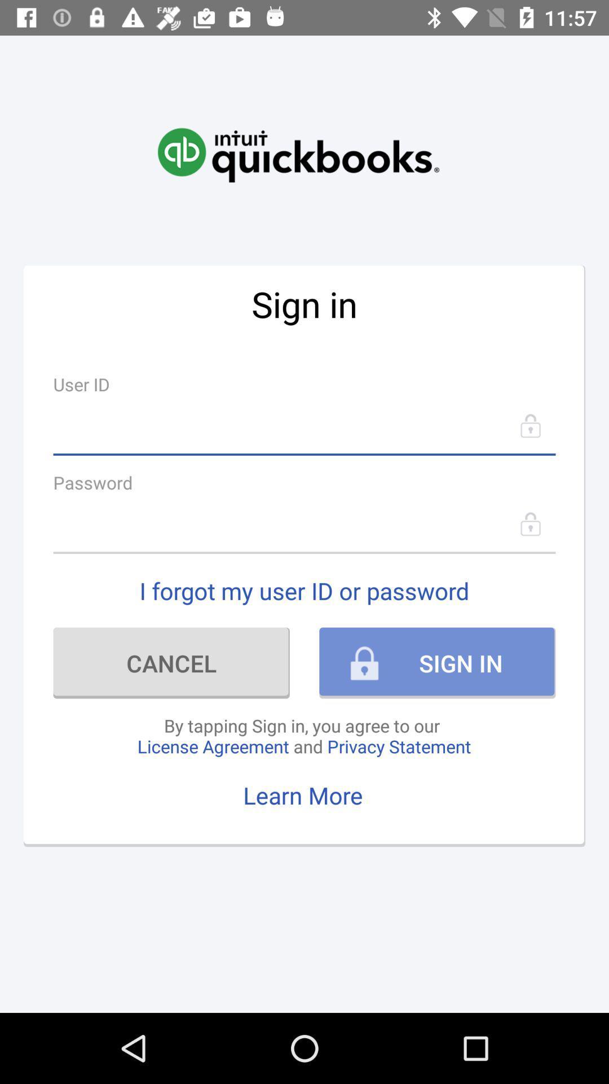 This screenshot has height=1084, width=609. Describe the element at coordinates (304, 523) in the screenshot. I see `the item above i forgot my item` at that location.